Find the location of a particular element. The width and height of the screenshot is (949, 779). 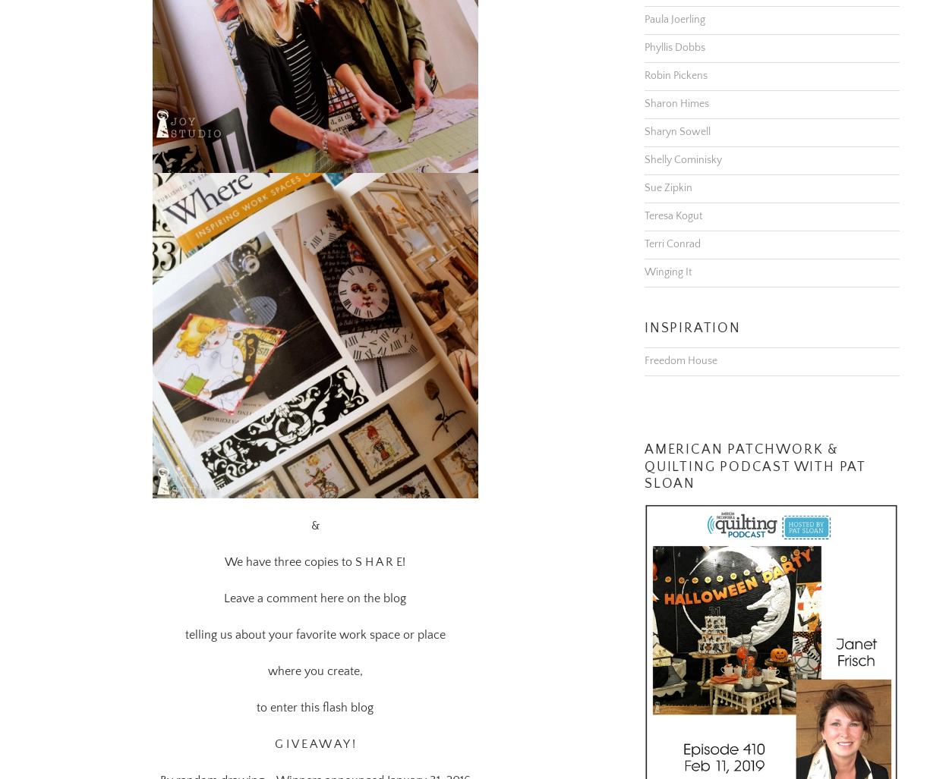

'Shelly Cominisky' is located at coordinates (683, 140).